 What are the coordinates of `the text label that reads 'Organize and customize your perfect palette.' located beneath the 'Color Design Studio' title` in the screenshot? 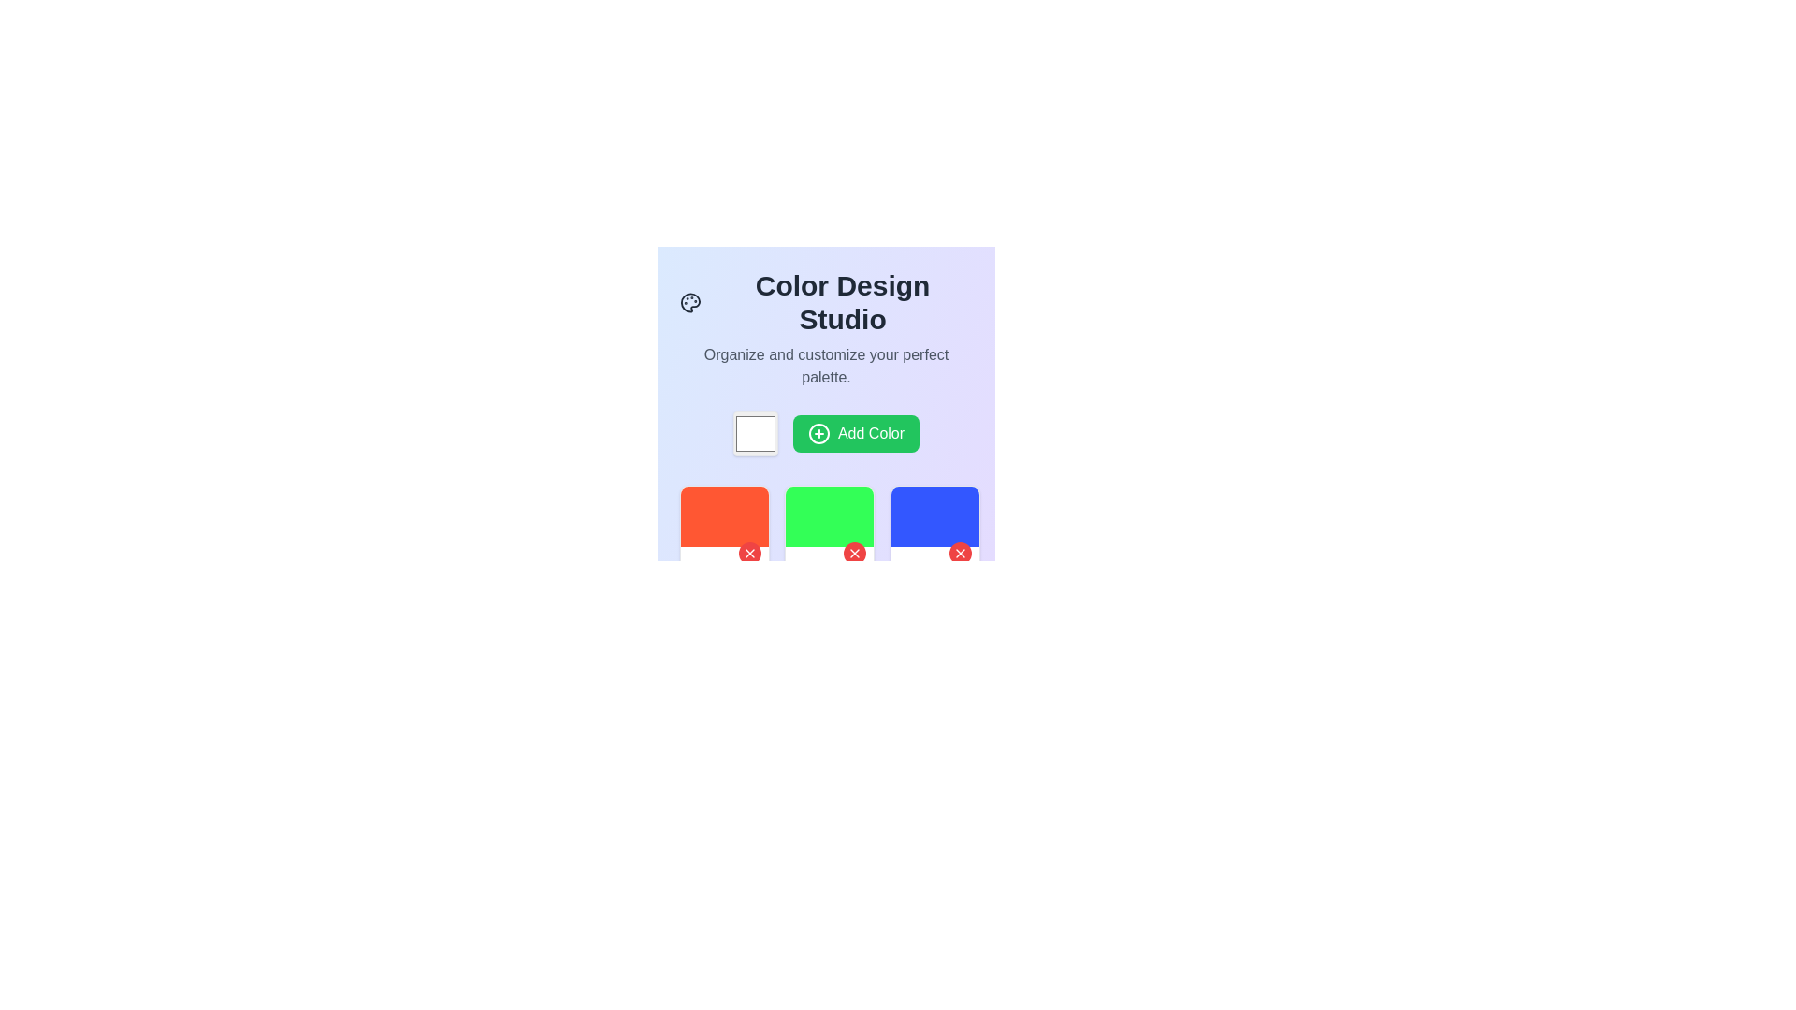 It's located at (825, 367).